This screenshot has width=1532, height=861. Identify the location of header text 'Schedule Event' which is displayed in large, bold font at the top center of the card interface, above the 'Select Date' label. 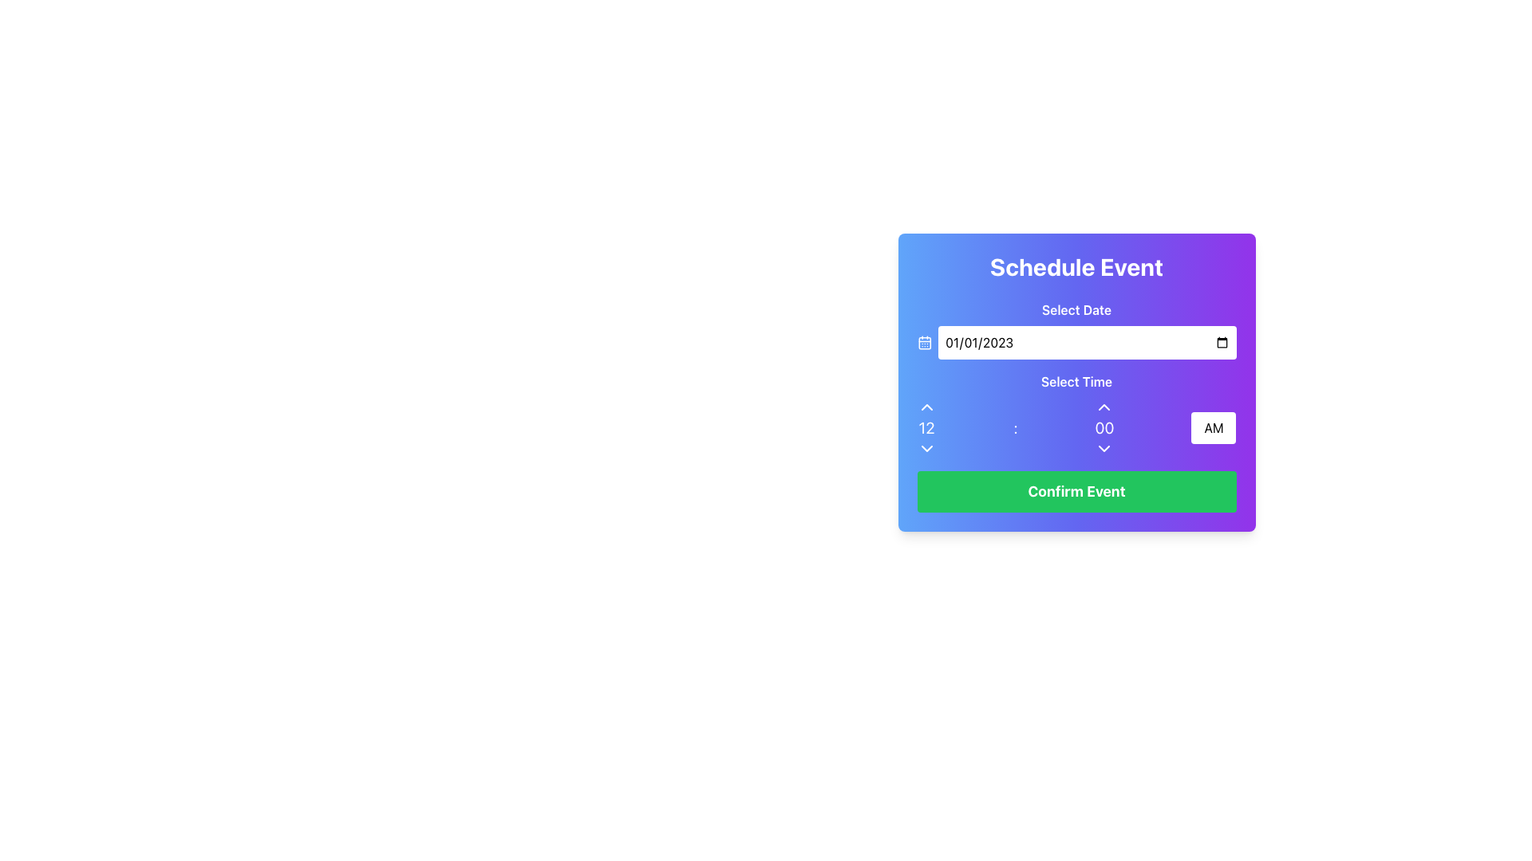
(1076, 266).